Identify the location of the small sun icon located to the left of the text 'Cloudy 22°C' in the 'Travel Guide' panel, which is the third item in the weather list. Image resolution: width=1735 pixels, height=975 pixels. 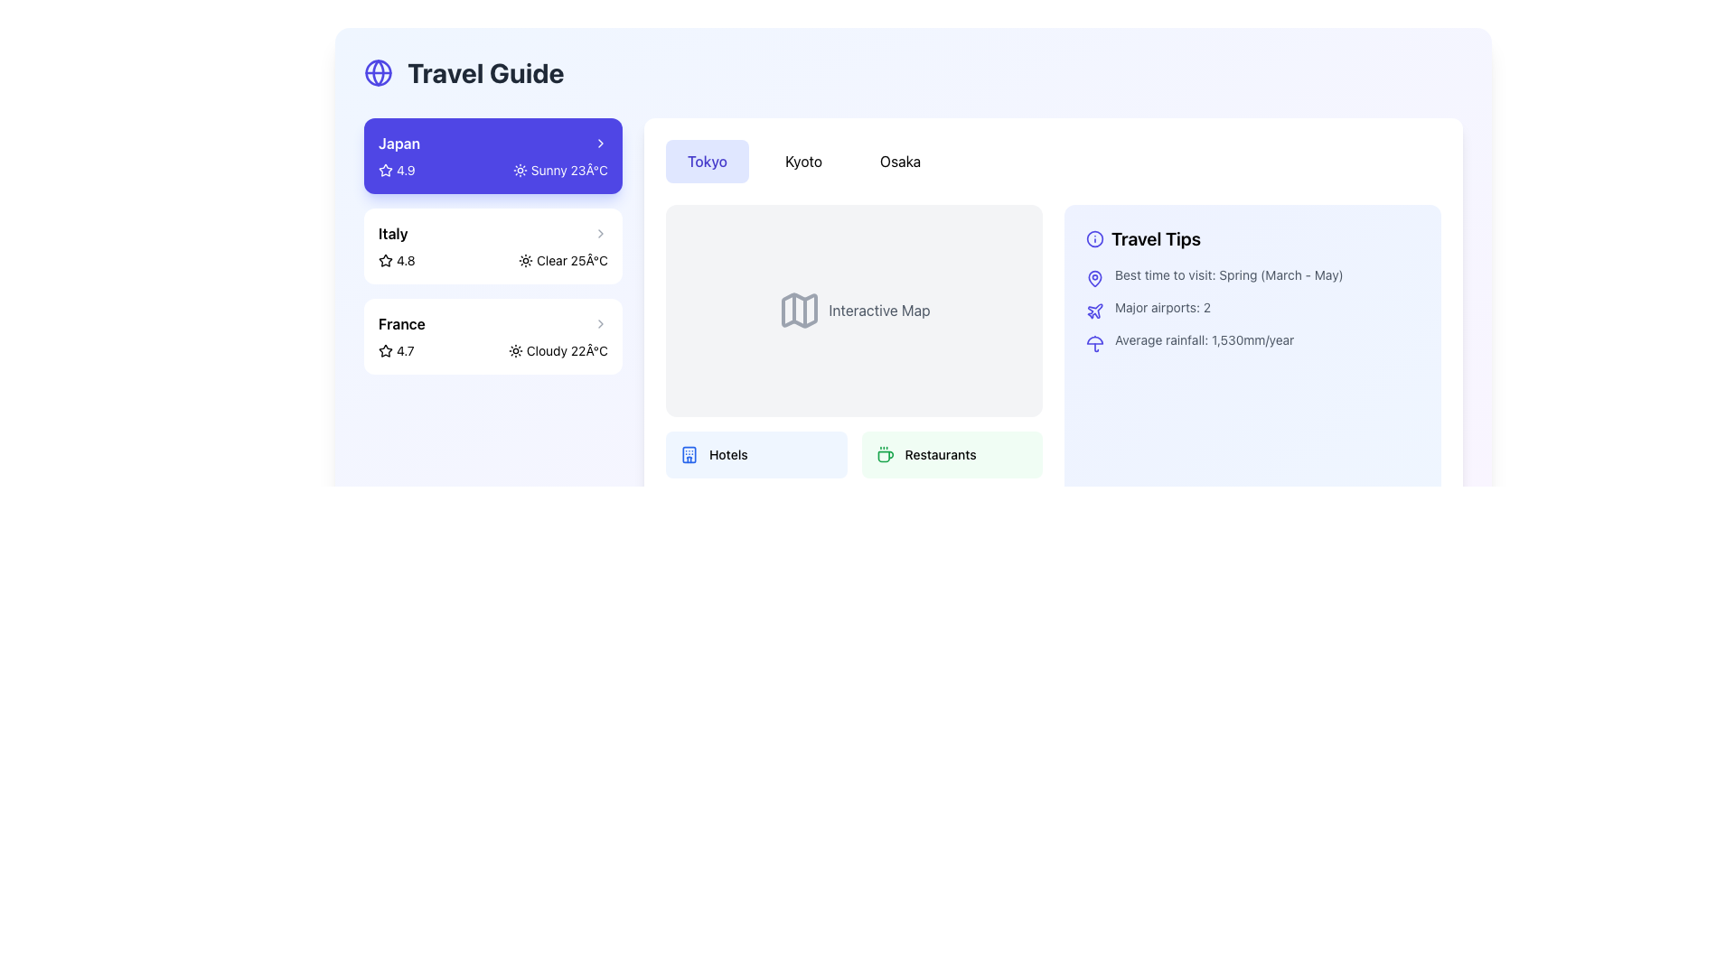
(514, 351).